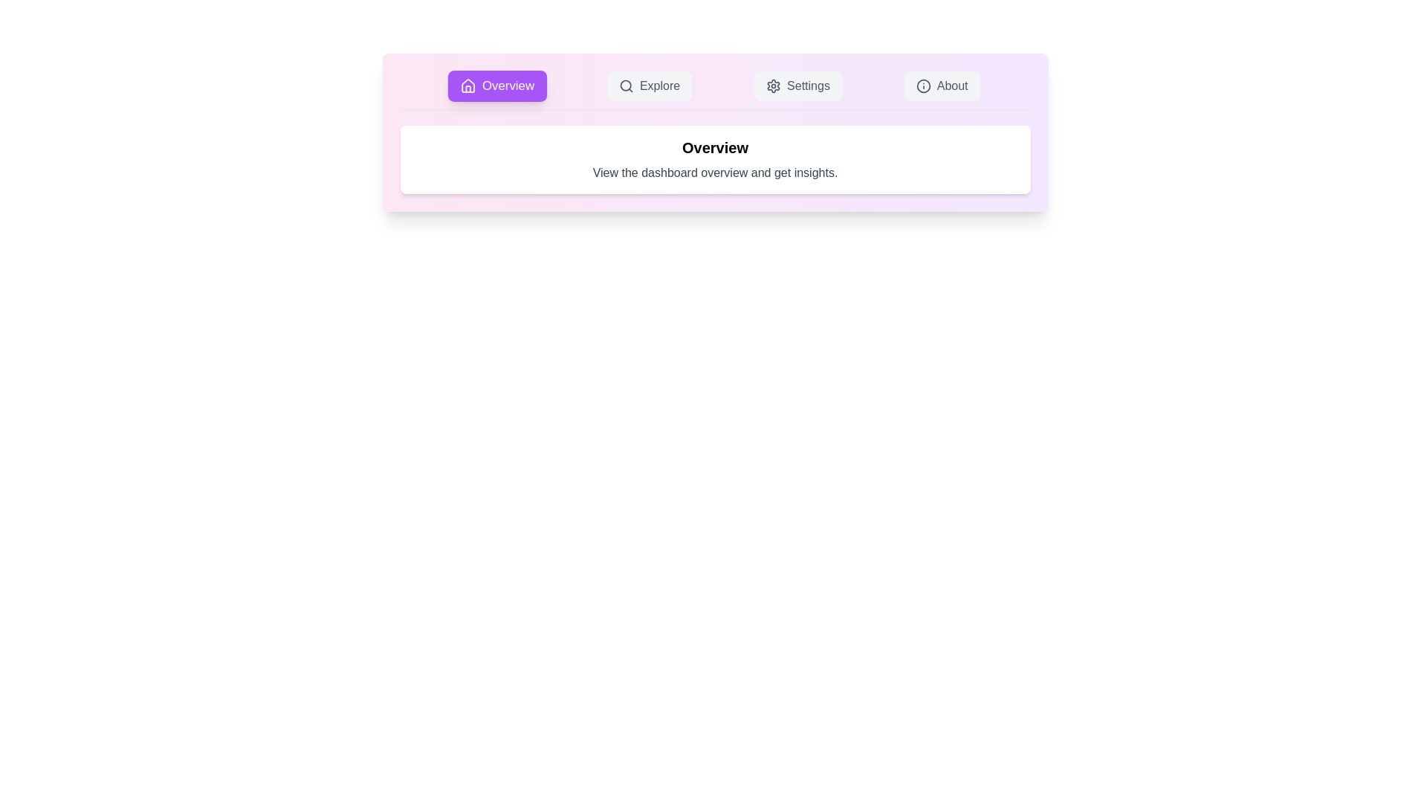 The image size is (1427, 803). Describe the element at coordinates (715, 160) in the screenshot. I see `the content area of the active tab to inspect or interact with it` at that location.